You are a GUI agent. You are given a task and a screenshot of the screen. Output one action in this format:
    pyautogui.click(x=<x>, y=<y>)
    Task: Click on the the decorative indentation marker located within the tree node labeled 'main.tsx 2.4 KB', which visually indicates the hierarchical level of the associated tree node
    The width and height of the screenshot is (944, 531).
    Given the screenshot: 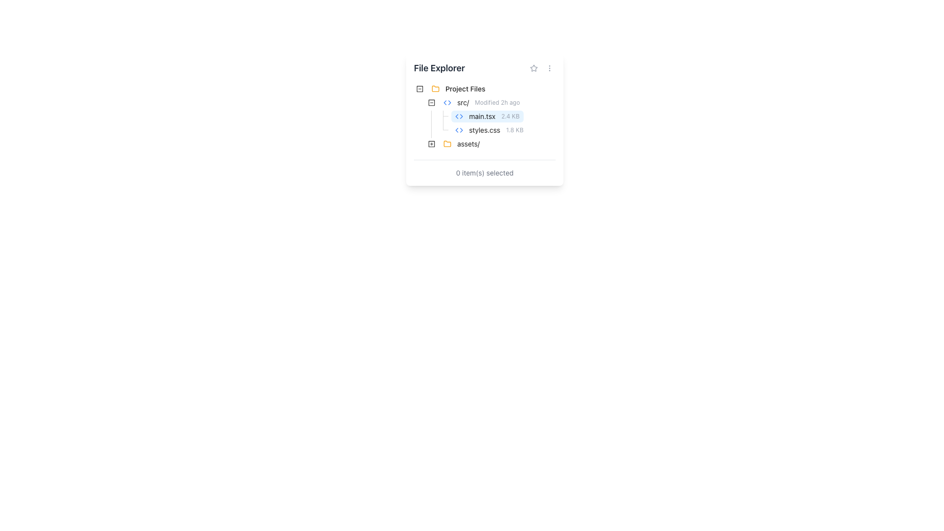 What is the action you would take?
    pyautogui.click(x=425, y=116)
    